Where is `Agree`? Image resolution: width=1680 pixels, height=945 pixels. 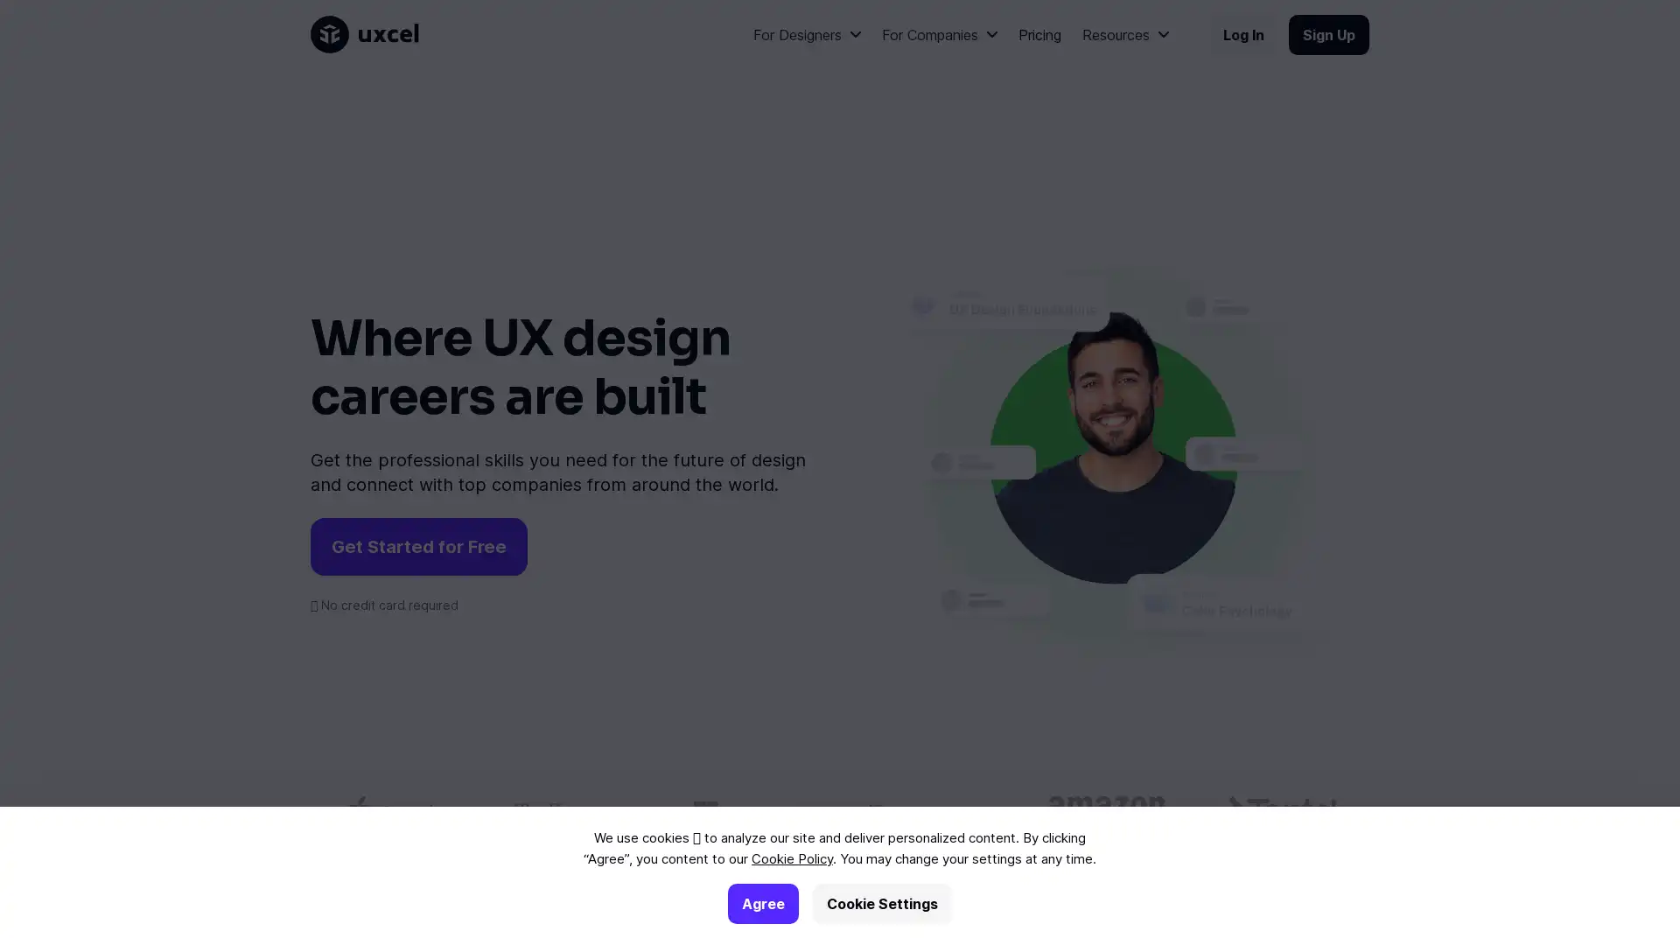
Agree is located at coordinates (763, 904).